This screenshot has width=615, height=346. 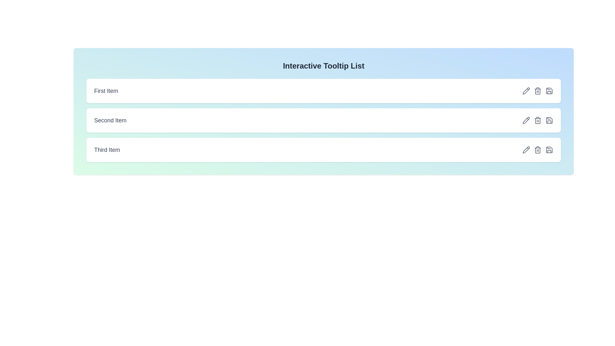 What do you see at coordinates (549, 120) in the screenshot?
I see `the floppy disk icon button located on the right side of the second row in the list` at bounding box center [549, 120].